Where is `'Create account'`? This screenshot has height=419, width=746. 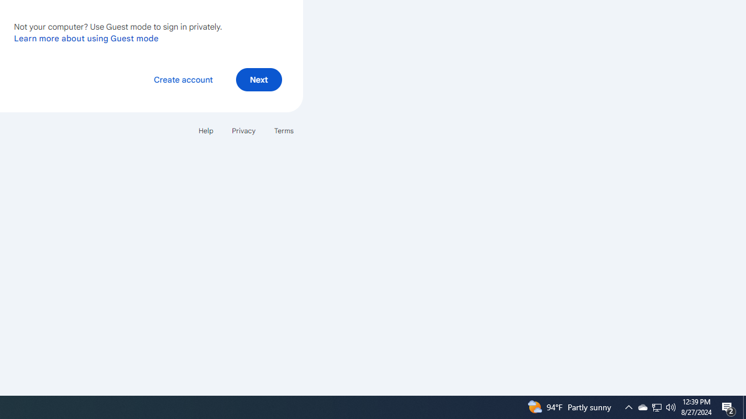
'Create account' is located at coordinates (182, 79).